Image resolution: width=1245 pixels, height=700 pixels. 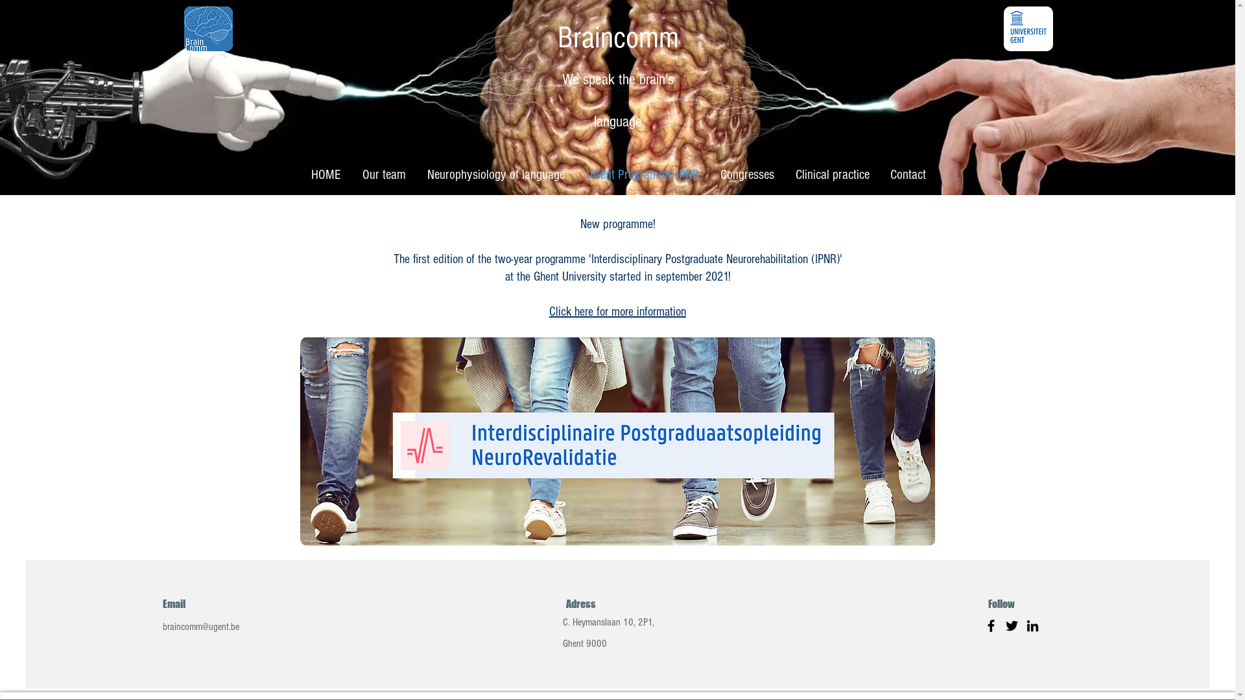 I want to click on 'HOME', so click(x=326, y=175).